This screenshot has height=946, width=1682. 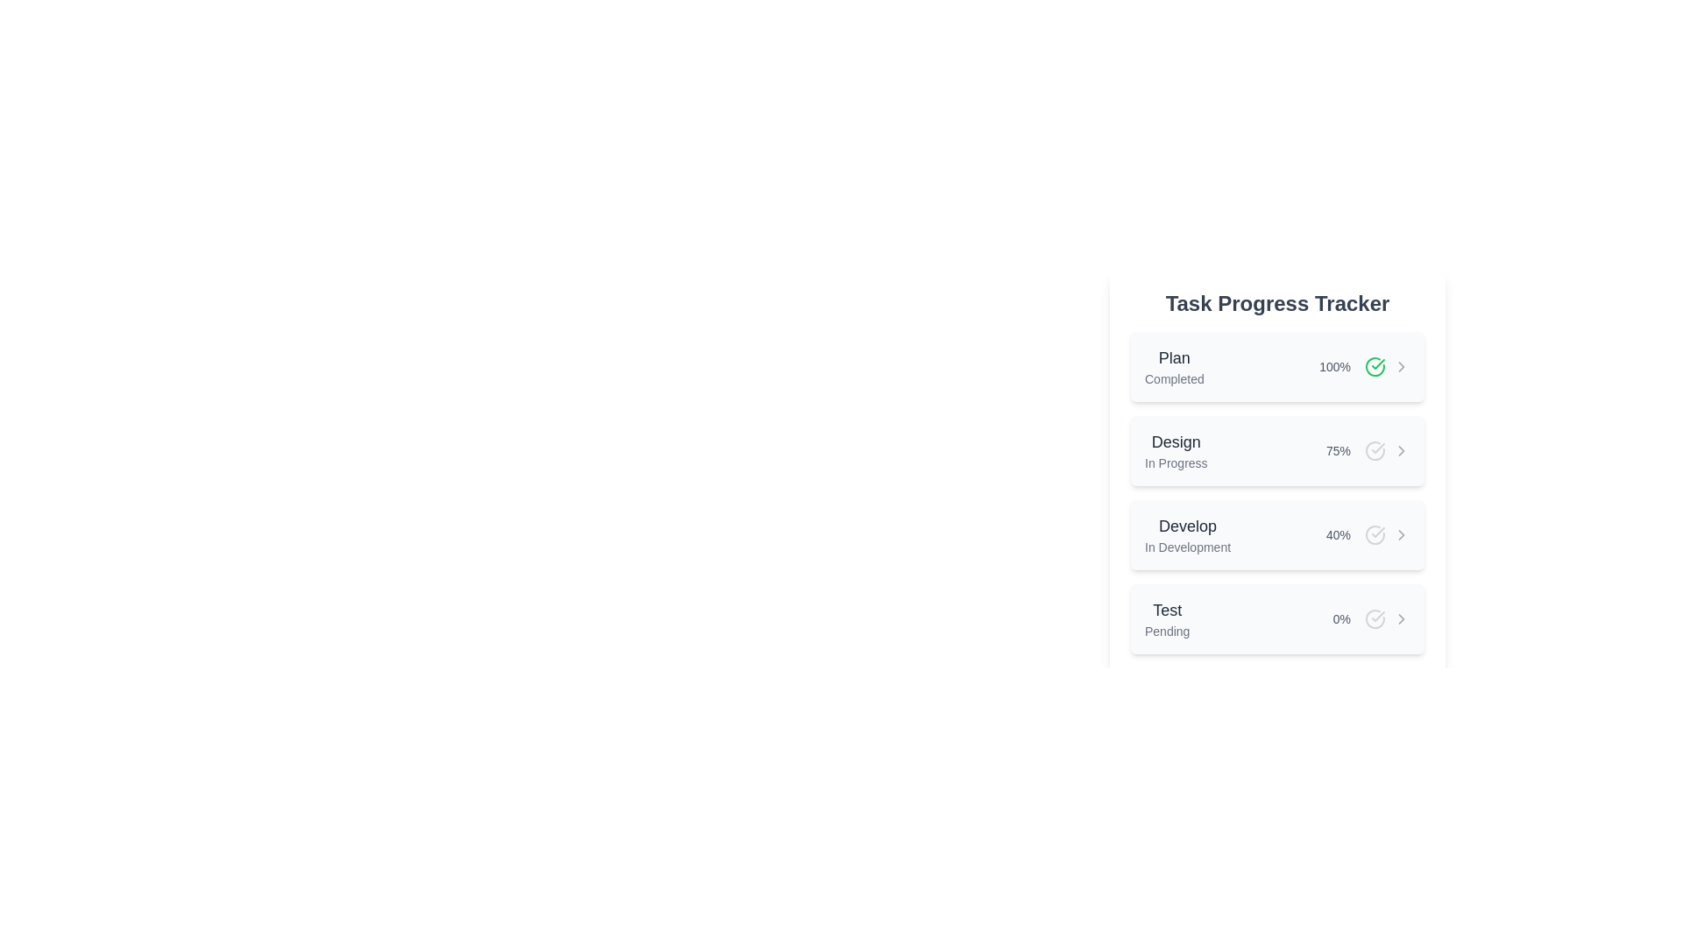 What do you see at coordinates (1374, 618) in the screenshot?
I see `the circular check icon with a gray stroke that indicates the status of the 'Test' task in the task progress tracker, located to the right of the text '0%'` at bounding box center [1374, 618].